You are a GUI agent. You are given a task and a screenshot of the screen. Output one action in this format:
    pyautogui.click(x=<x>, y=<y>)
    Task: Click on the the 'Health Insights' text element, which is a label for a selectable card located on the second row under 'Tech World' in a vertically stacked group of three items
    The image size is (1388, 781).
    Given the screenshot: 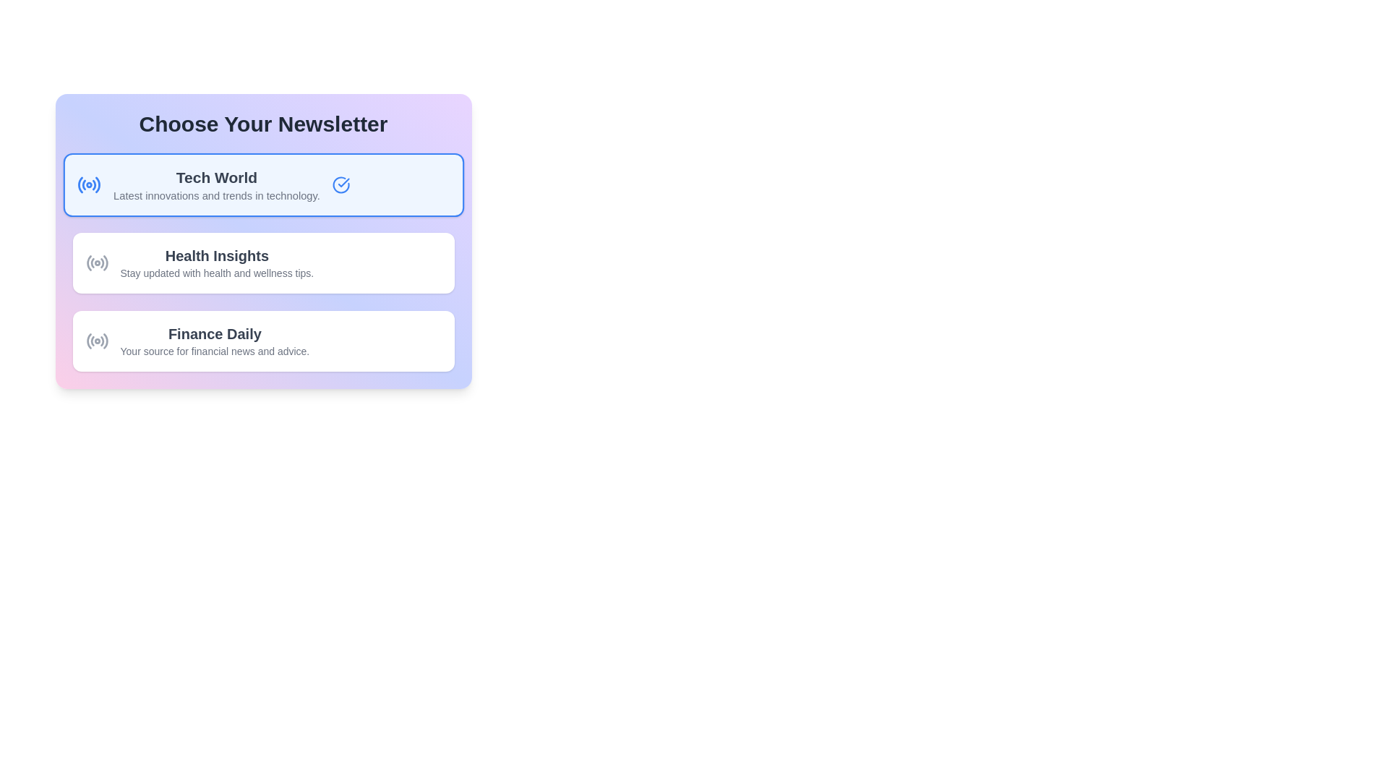 What is the action you would take?
    pyautogui.click(x=216, y=263)
    